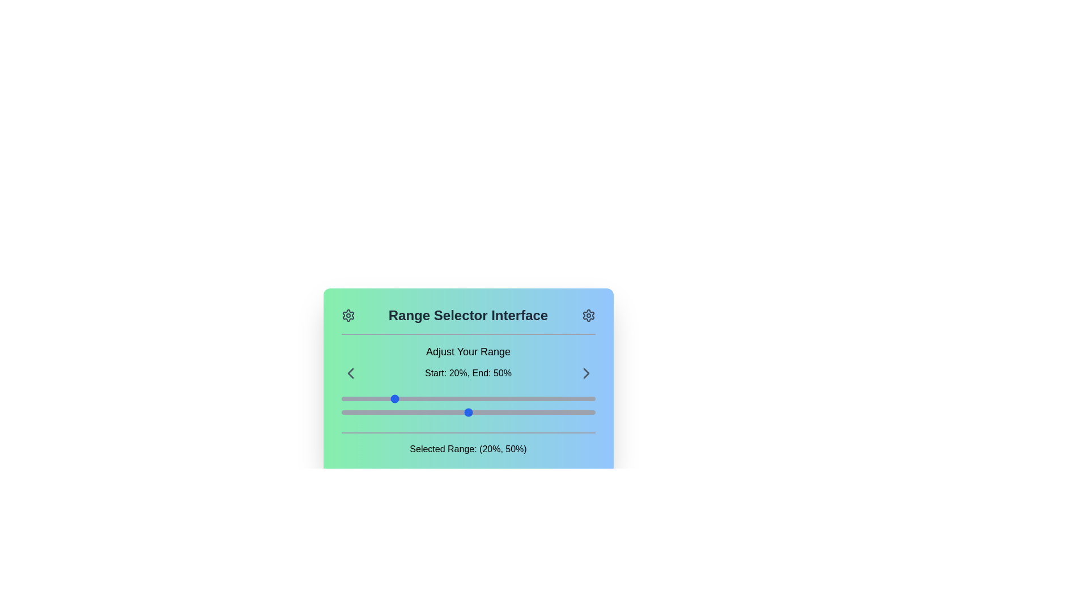  What do you see at coordinates (476, 413) in the screenshot?
I see `the slider value` at bounding box center [476, 413].